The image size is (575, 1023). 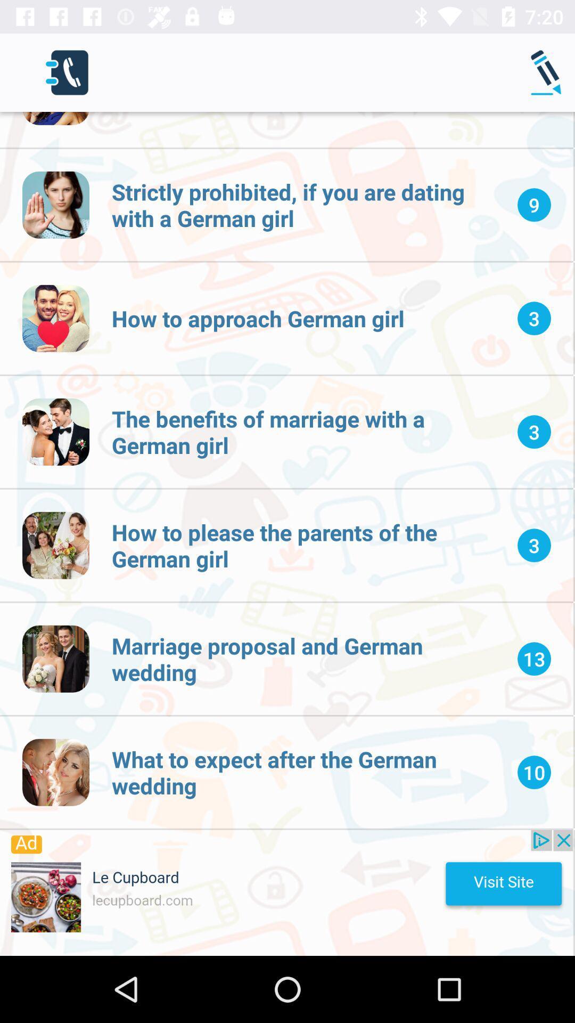 What do you see at coordinates (286, 892) in the screenshot?
I see `visit advertiser` at bounding box center [286, 892].